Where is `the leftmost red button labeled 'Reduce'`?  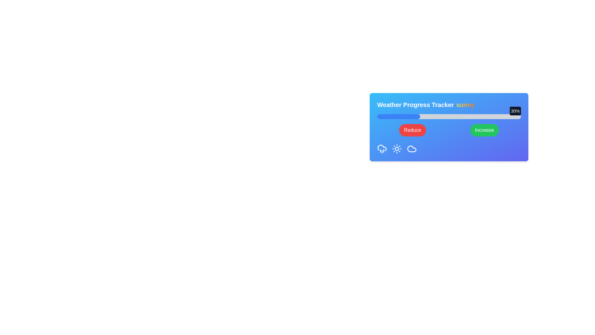
the leftmost red button labeled 'Reduce' is located at coordinates (412, 130).